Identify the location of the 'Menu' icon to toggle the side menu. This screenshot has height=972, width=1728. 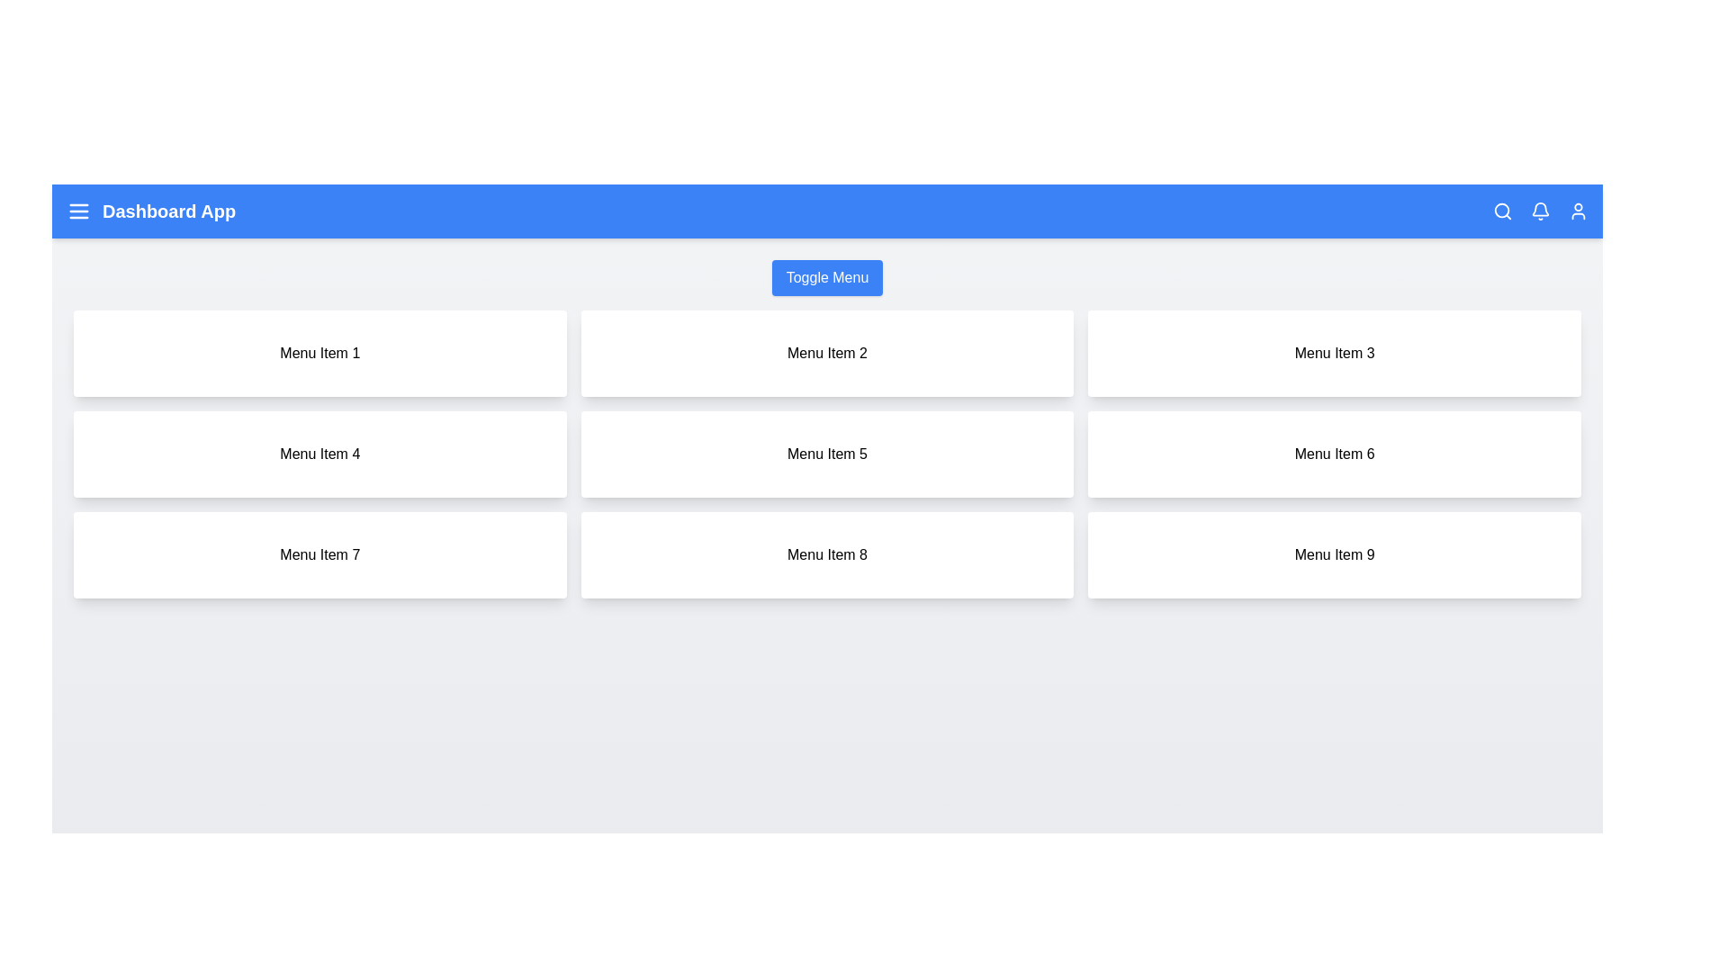
(77, 211).